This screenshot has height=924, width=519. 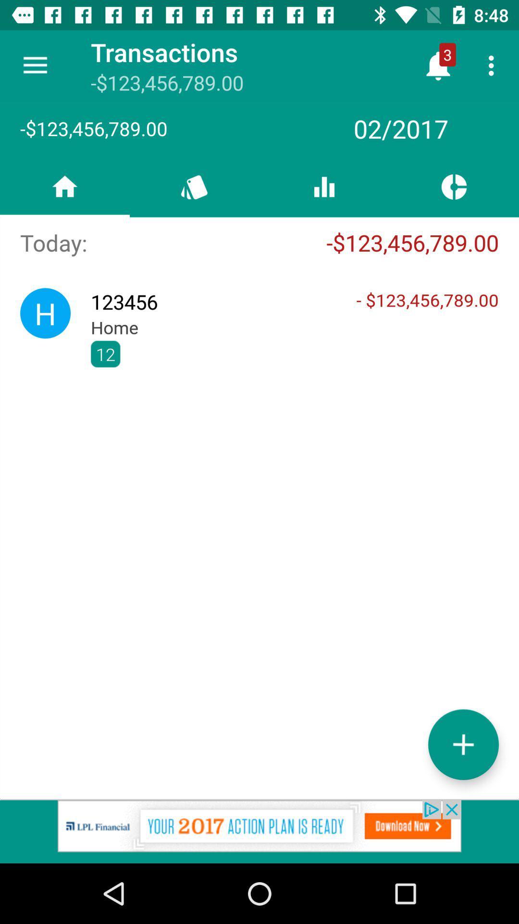 I want to click on the icon at the bottom right corner, so click(x=463, y=744).